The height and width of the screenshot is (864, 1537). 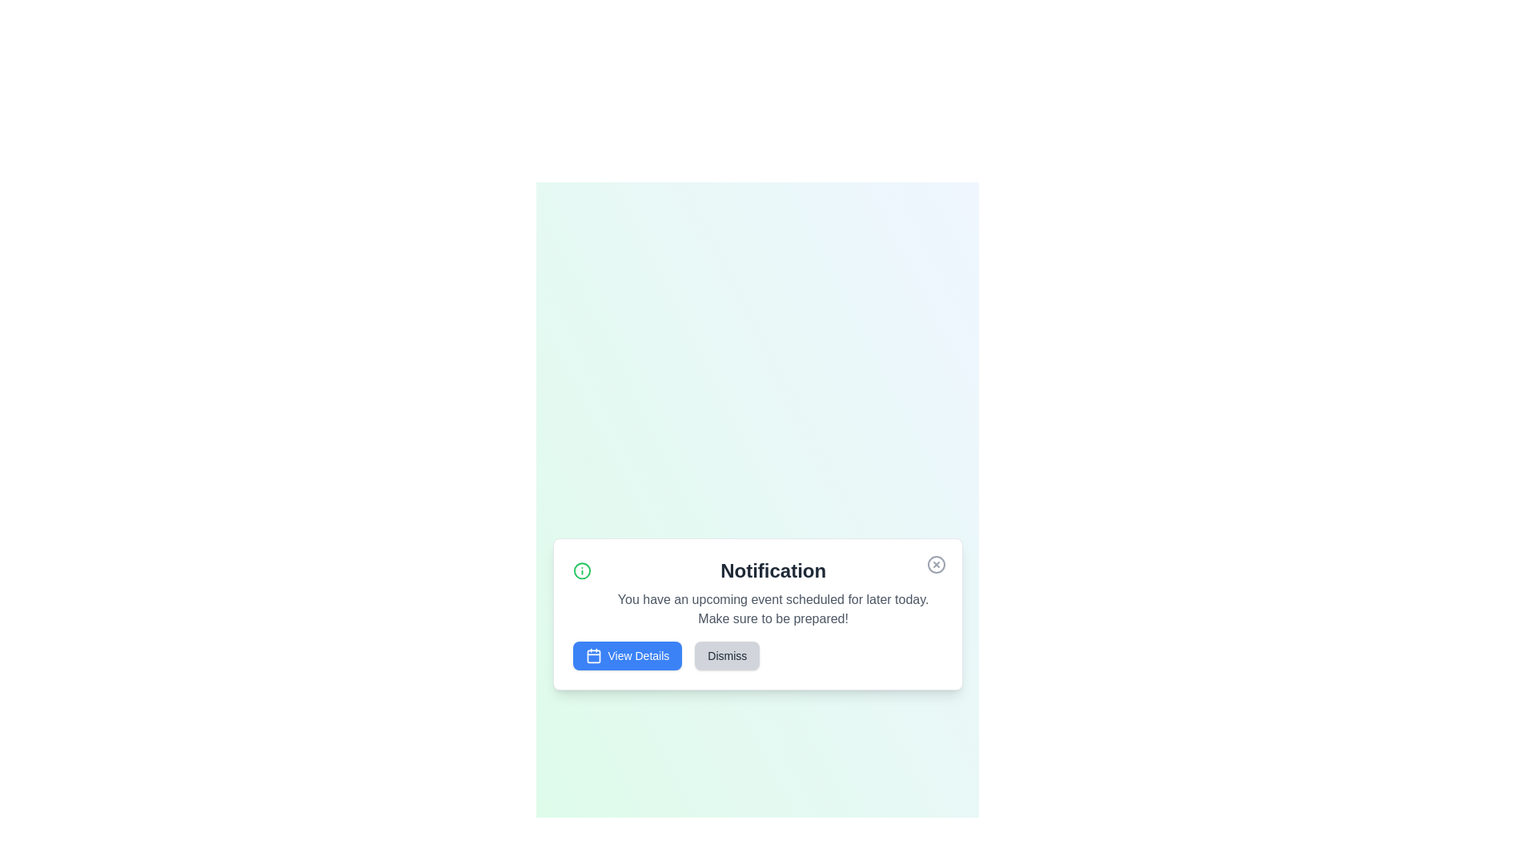 I want to click on the 'View Details' button to view the event details, so click(x=626, y=656).